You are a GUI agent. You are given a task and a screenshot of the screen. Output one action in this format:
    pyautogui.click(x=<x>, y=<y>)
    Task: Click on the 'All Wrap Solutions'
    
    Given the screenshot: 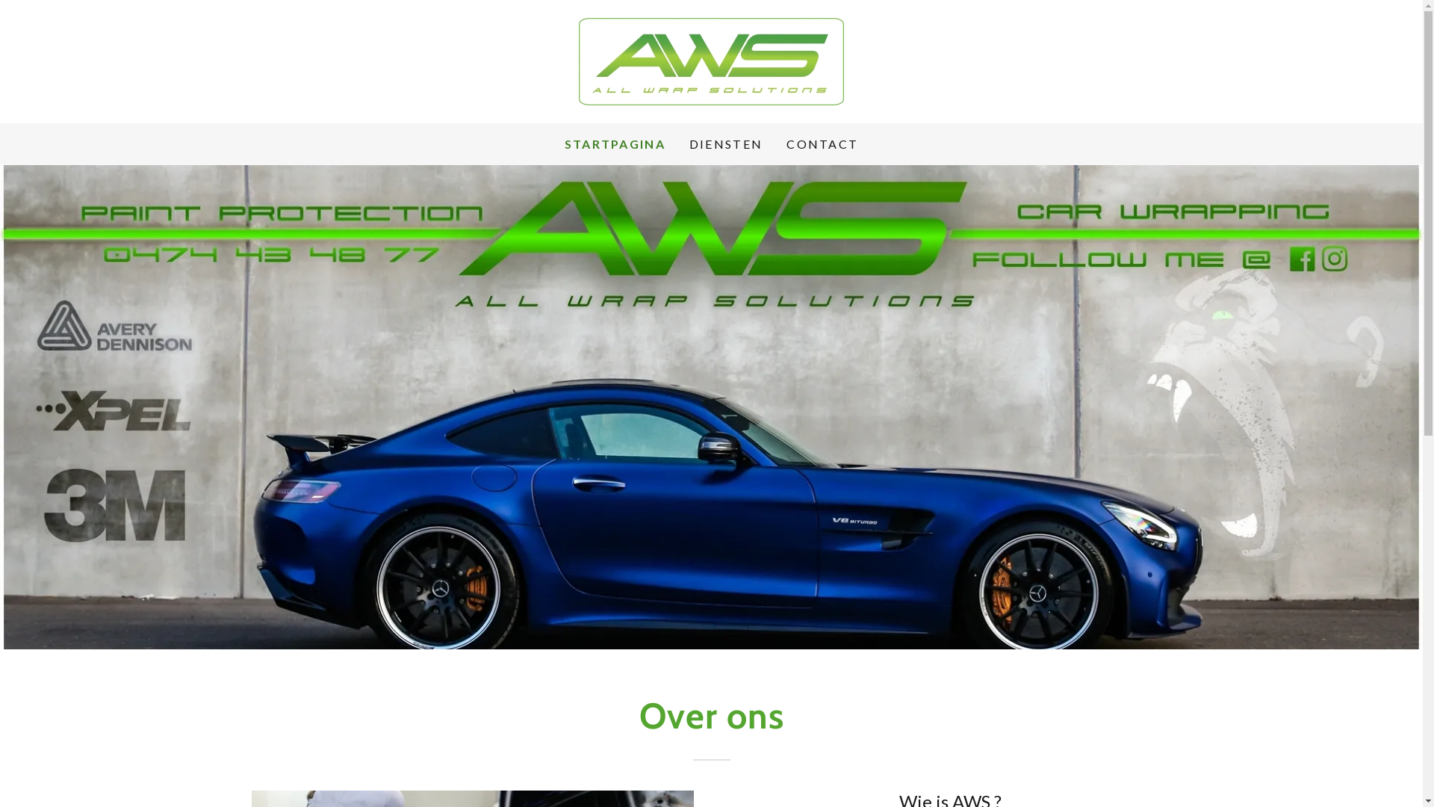 What is the action you would take?
    pyautogui.click(x=710, y=59)
    